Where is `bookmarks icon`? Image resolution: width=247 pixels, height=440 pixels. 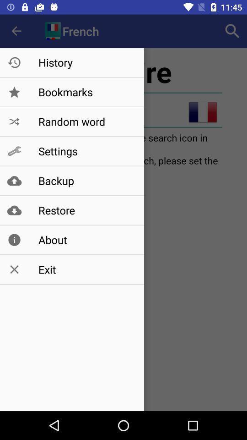 bookmarks icon is located at coordinates (86, 92).